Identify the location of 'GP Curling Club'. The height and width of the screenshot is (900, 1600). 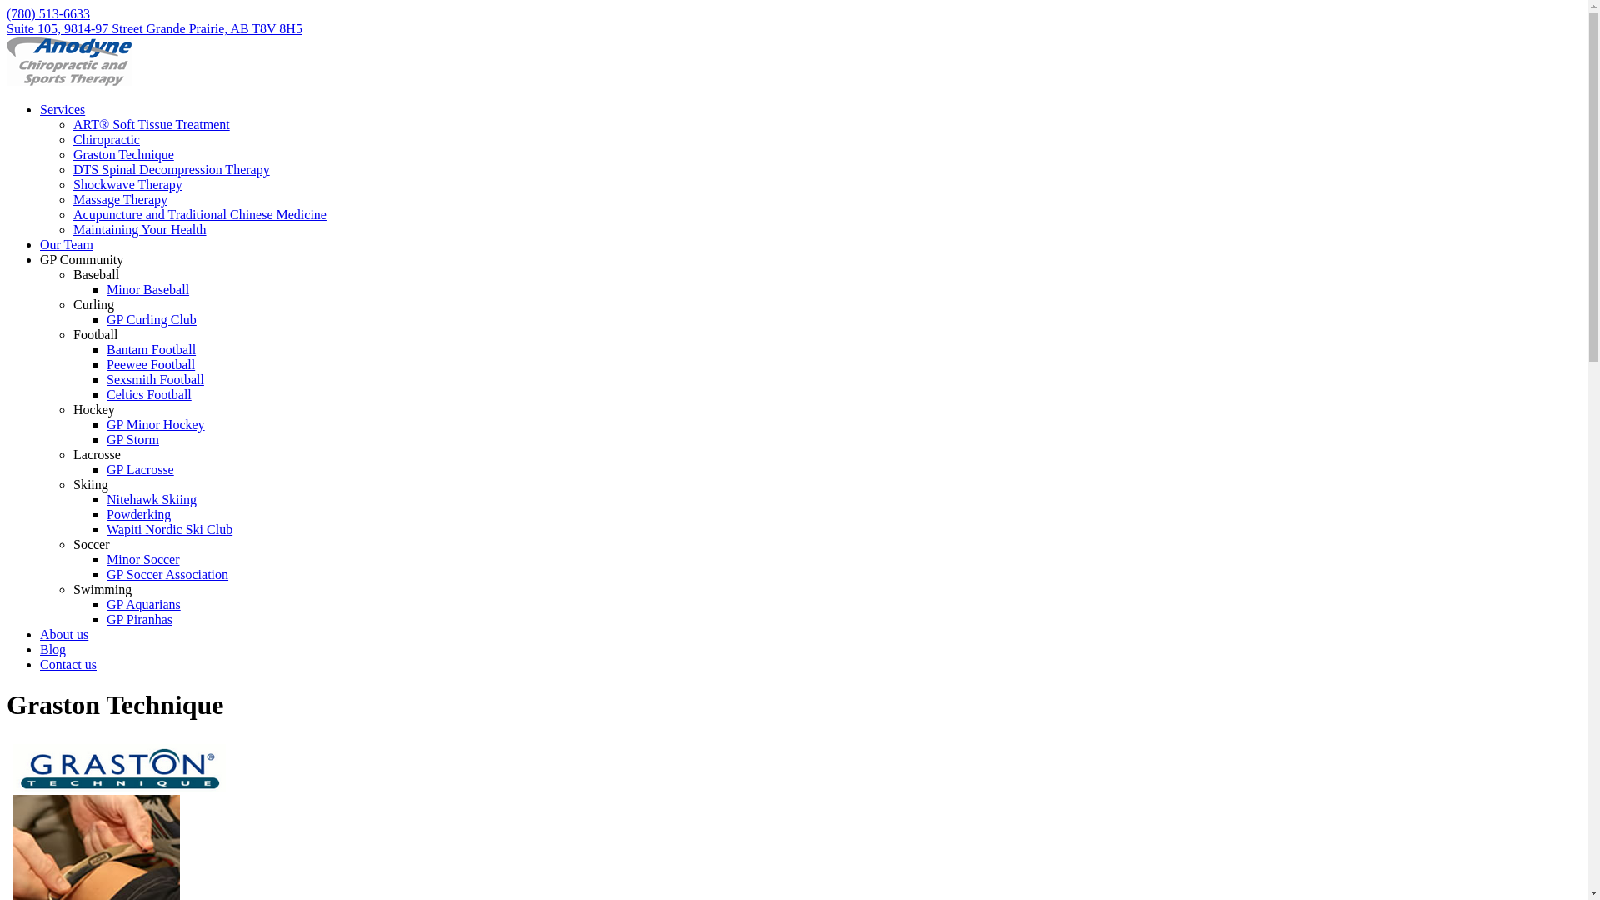
(152, 319).